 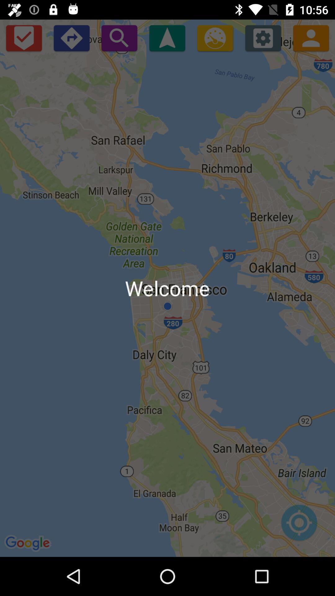 What do you see at coordinates (215, 38) in the screenshot?
I see `app above the welcome` at bounding box center [215, 38].